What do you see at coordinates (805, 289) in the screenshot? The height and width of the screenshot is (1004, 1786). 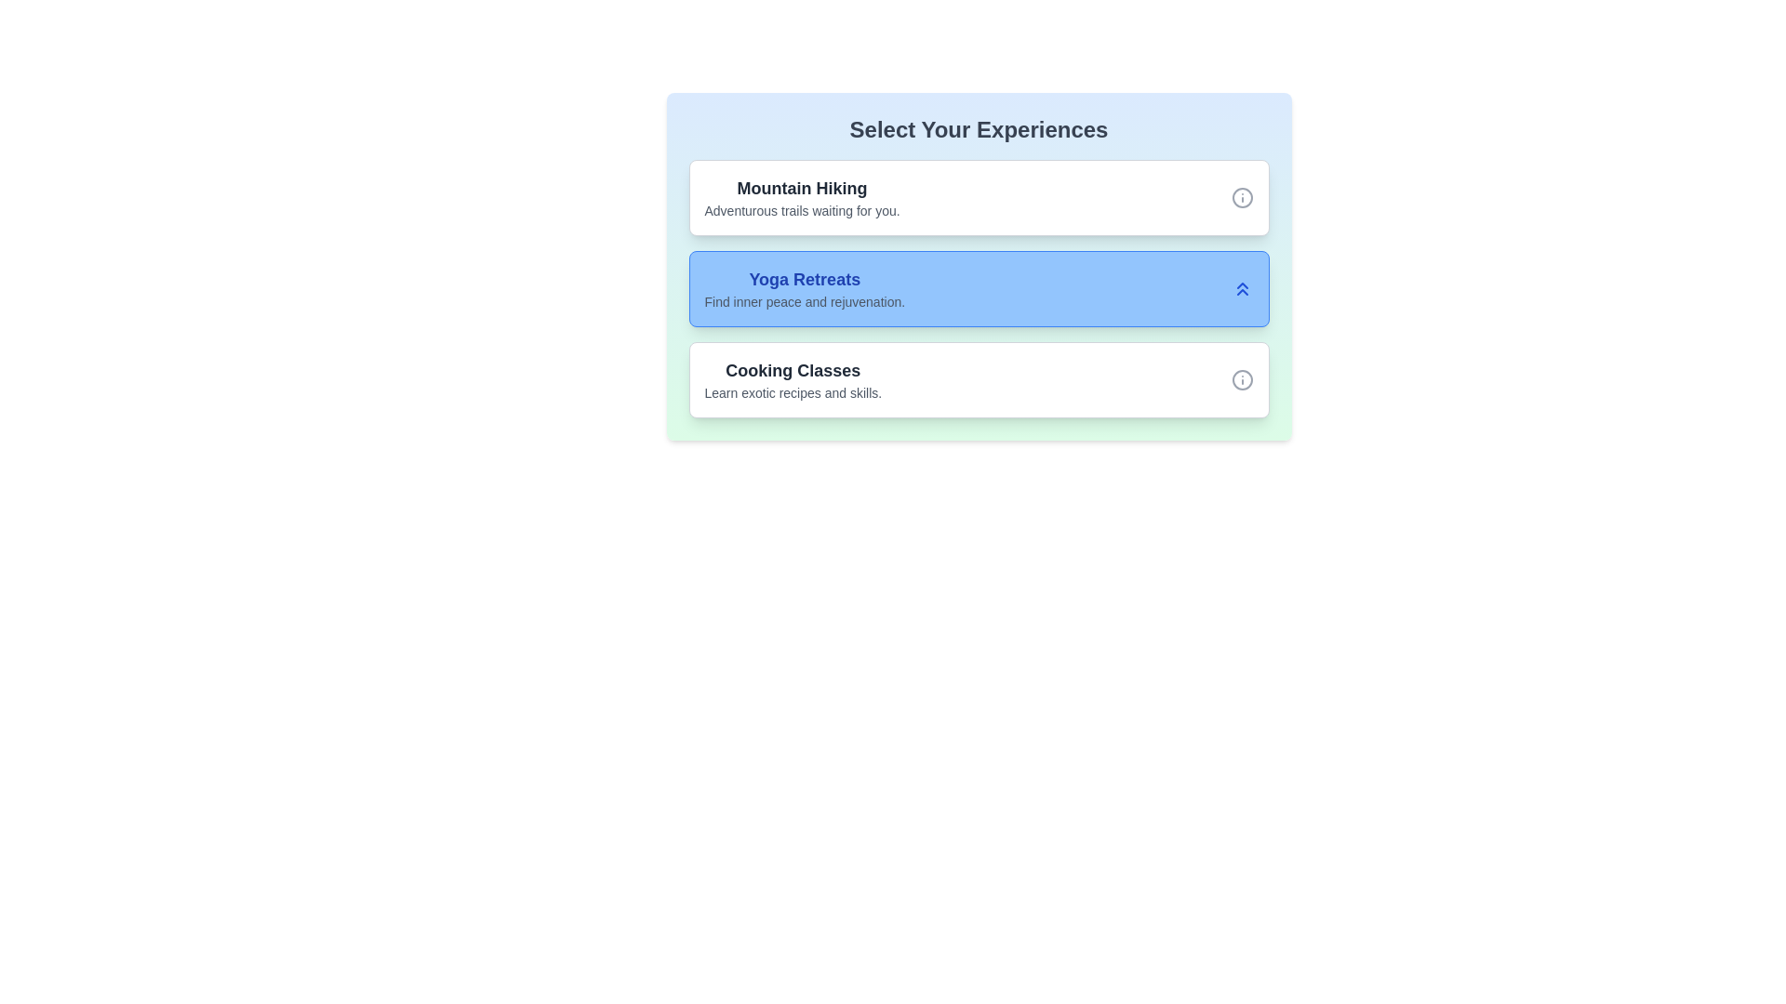 I see `the item Yoga Retreats` at bounding box center [805, 289].